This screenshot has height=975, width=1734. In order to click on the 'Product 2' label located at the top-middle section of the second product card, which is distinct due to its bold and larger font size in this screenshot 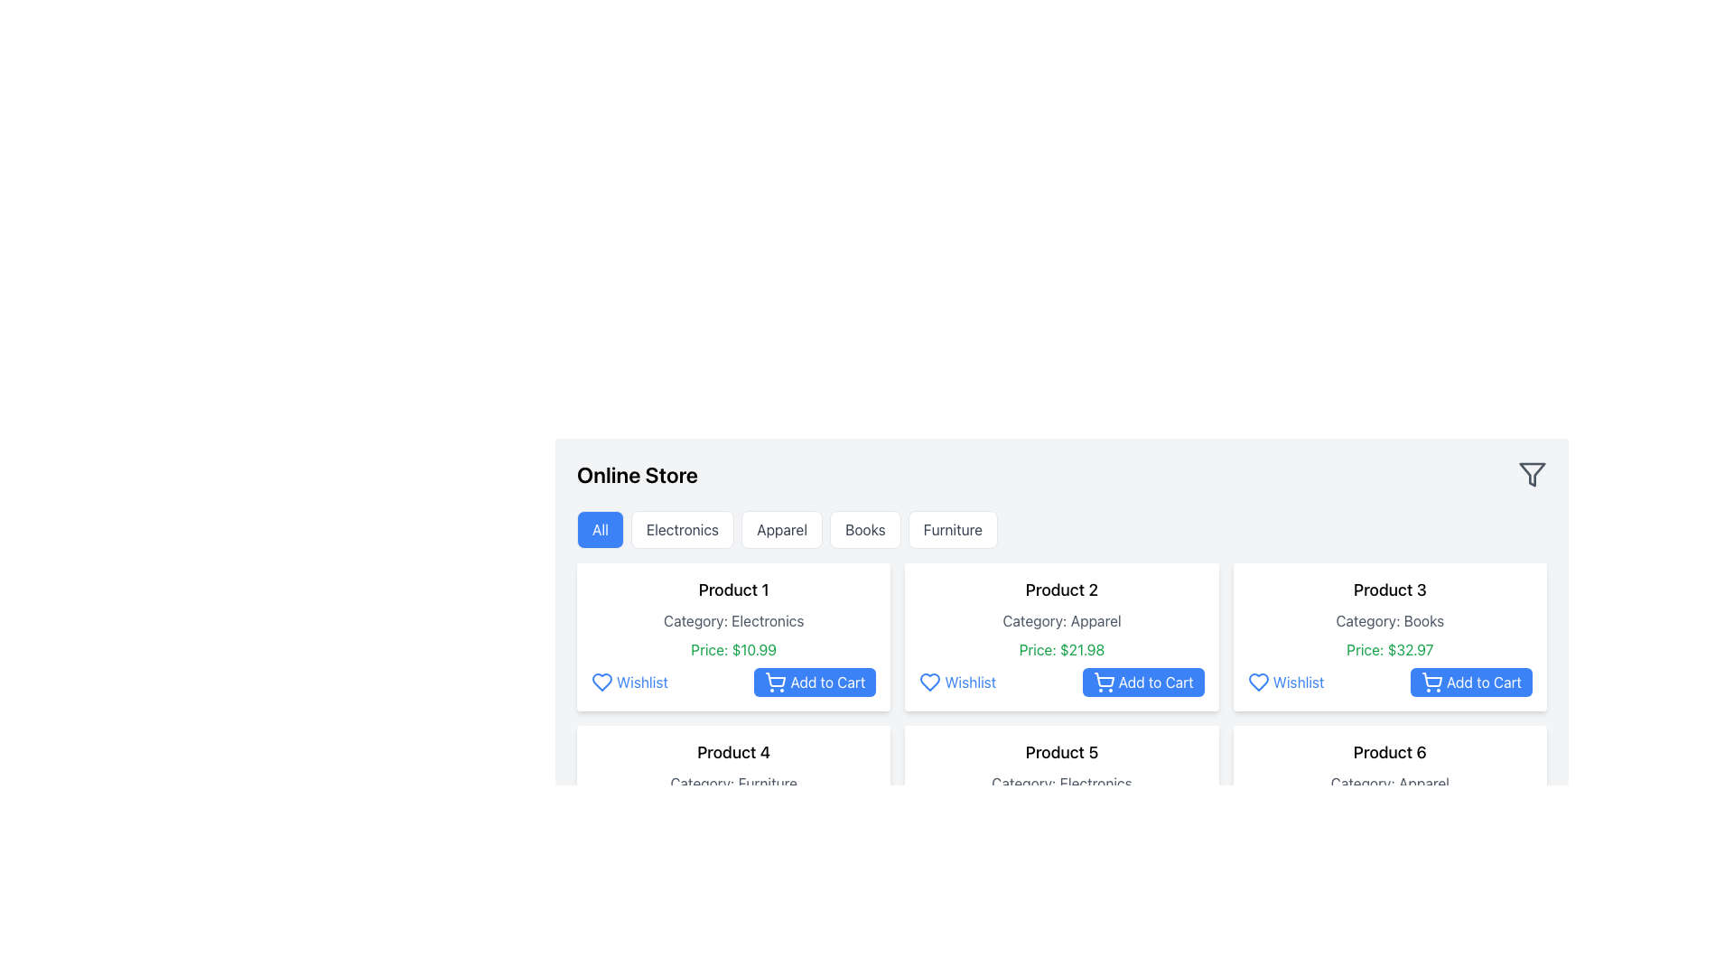, I will do `click(1062, 590)`.